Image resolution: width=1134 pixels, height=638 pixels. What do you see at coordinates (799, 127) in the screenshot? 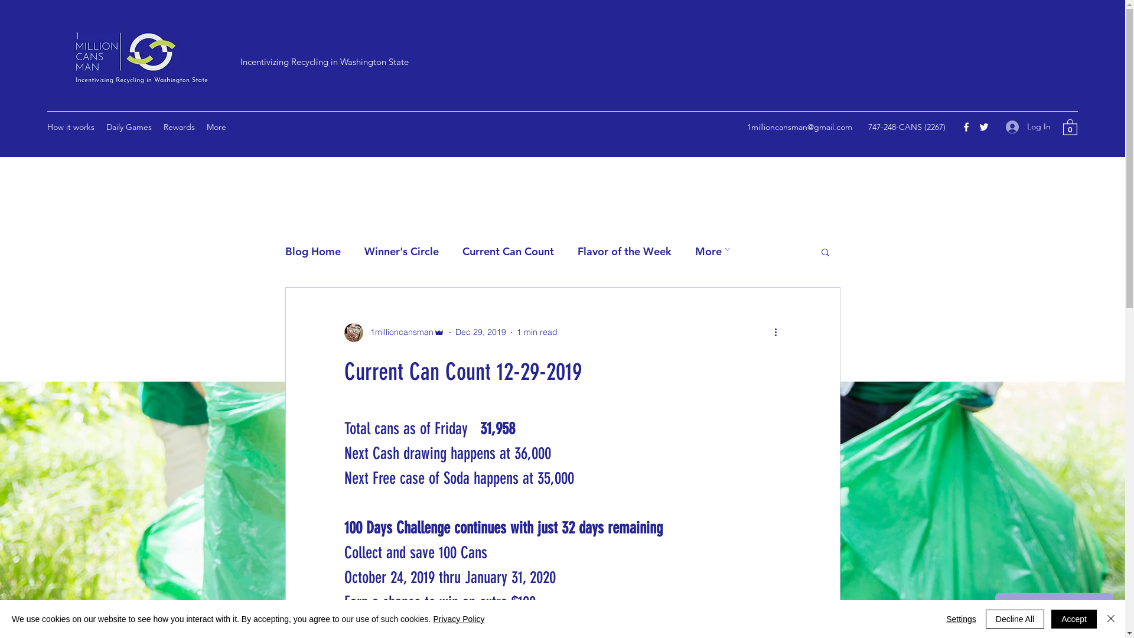
I see `'1millioncansman@gmail.com'` at bounding box center [799, 127].